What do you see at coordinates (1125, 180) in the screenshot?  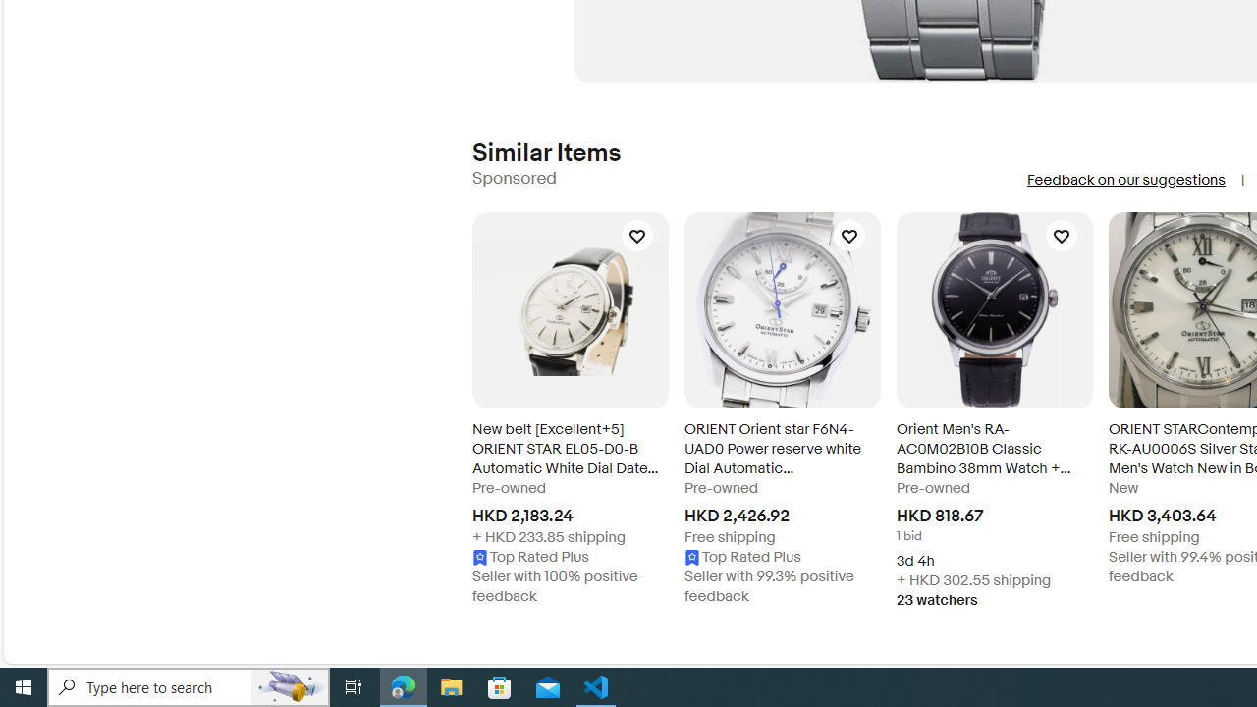 I see `'Feedback on our suggestions'` at bounding box center [1125, 180].